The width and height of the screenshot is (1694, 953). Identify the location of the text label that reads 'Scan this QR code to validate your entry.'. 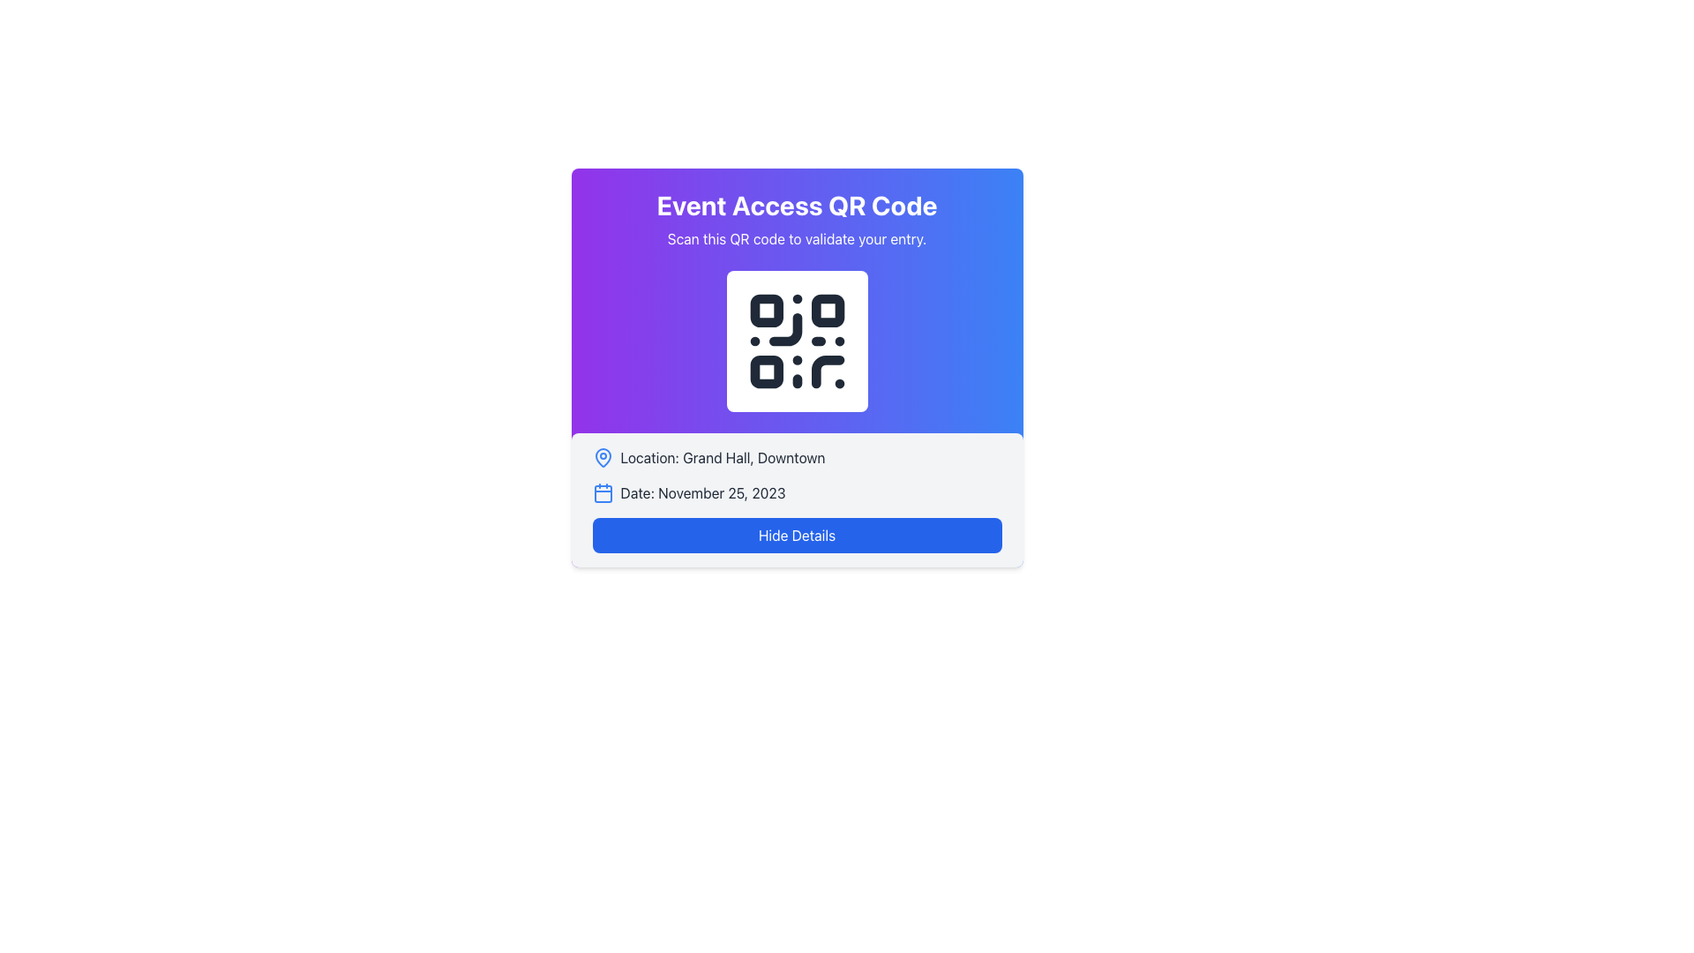
(796, 238).